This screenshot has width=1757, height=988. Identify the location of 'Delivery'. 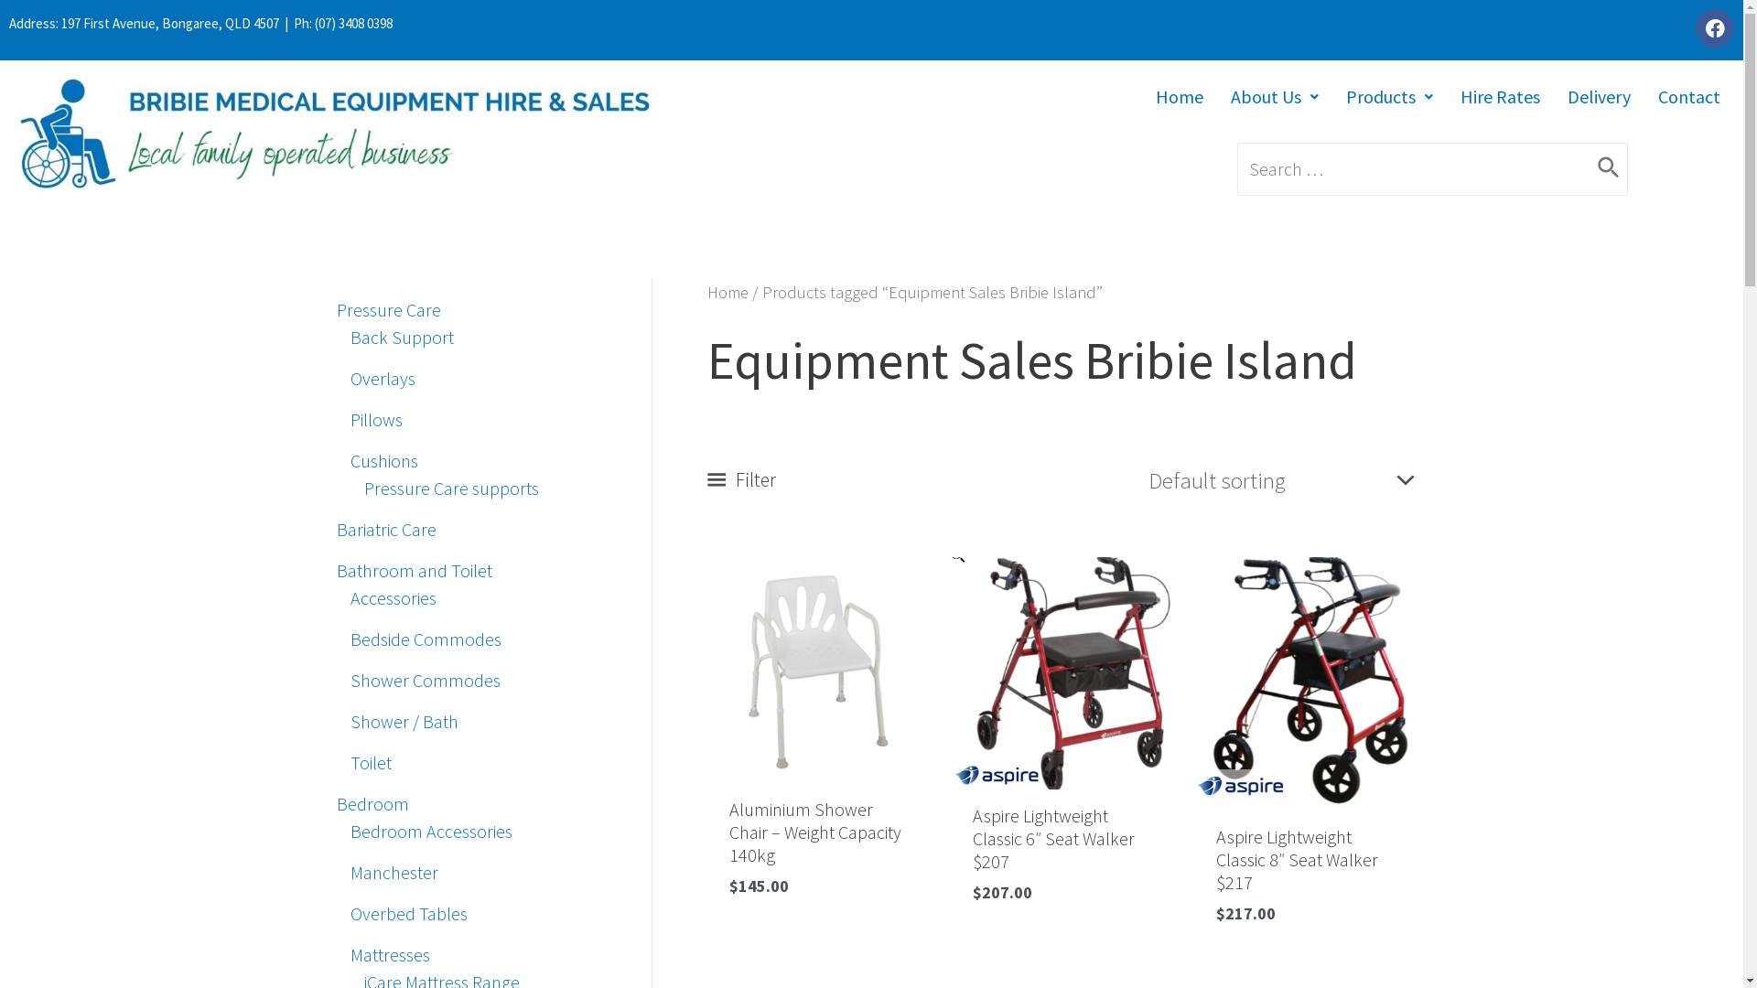
(1598, 96).